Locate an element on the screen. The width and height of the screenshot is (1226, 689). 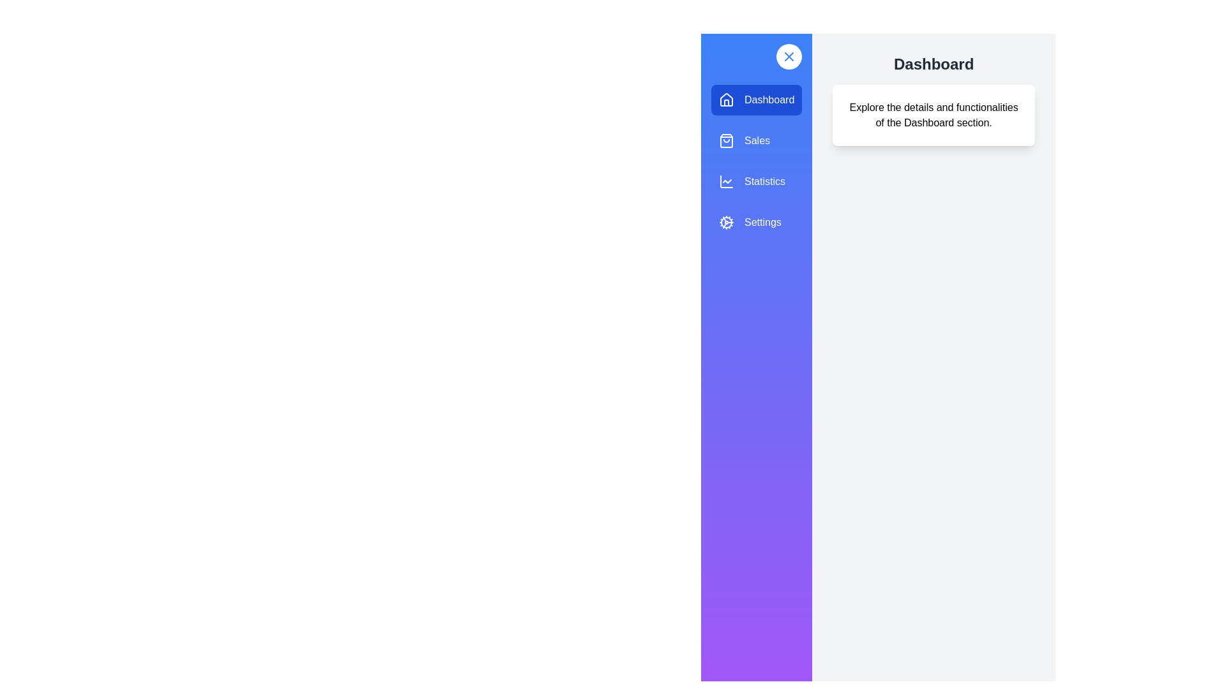
toggle button to change the drawer's state is located at coordinates (789, 56).